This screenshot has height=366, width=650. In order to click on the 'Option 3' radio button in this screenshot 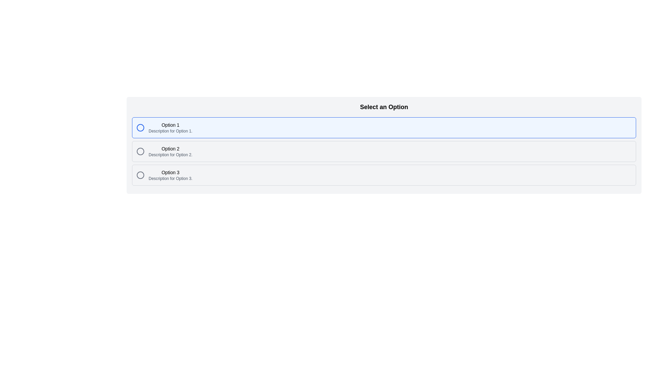, I will do `click(384, 175)`.